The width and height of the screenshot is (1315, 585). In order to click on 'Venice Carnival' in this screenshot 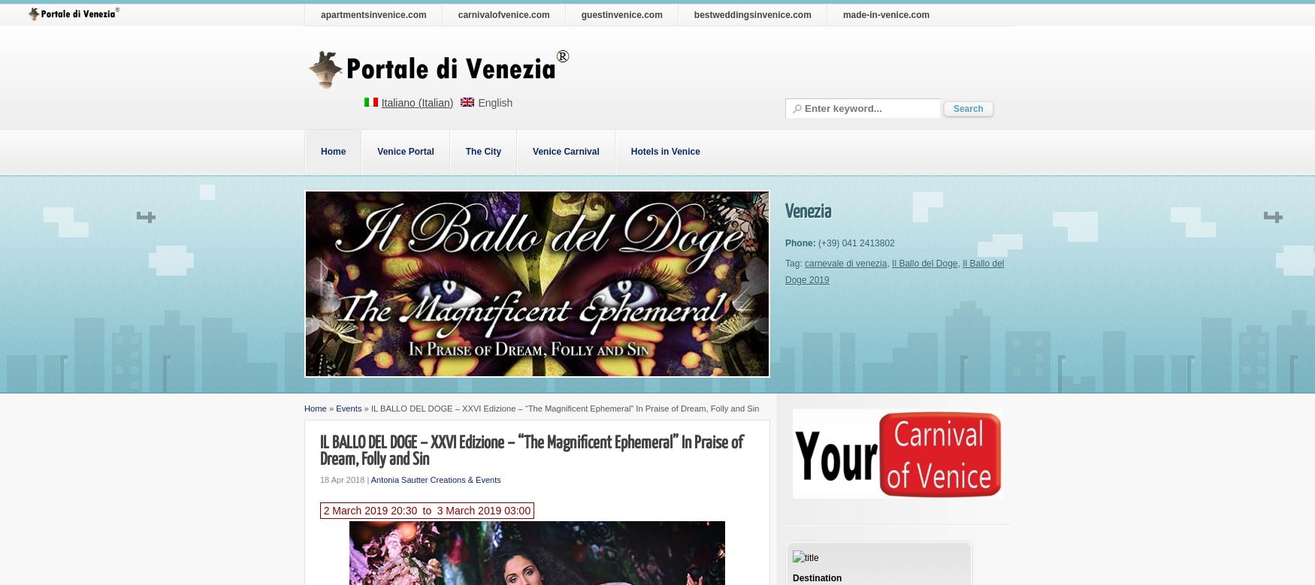, I will do `click(565, 151)`.